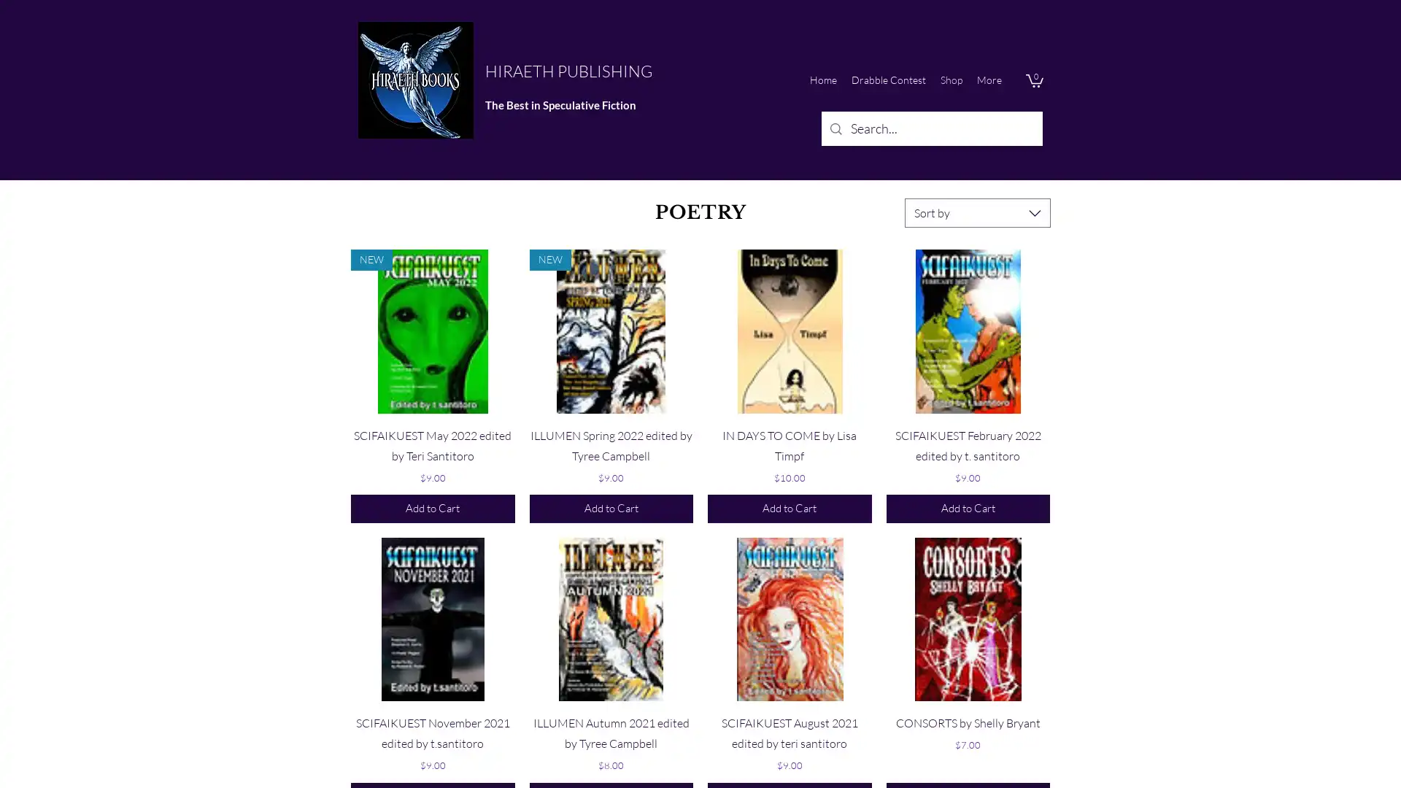  Describe the element at coordinates (611, 719) in the screenshot. I see `Quick View` at that location.